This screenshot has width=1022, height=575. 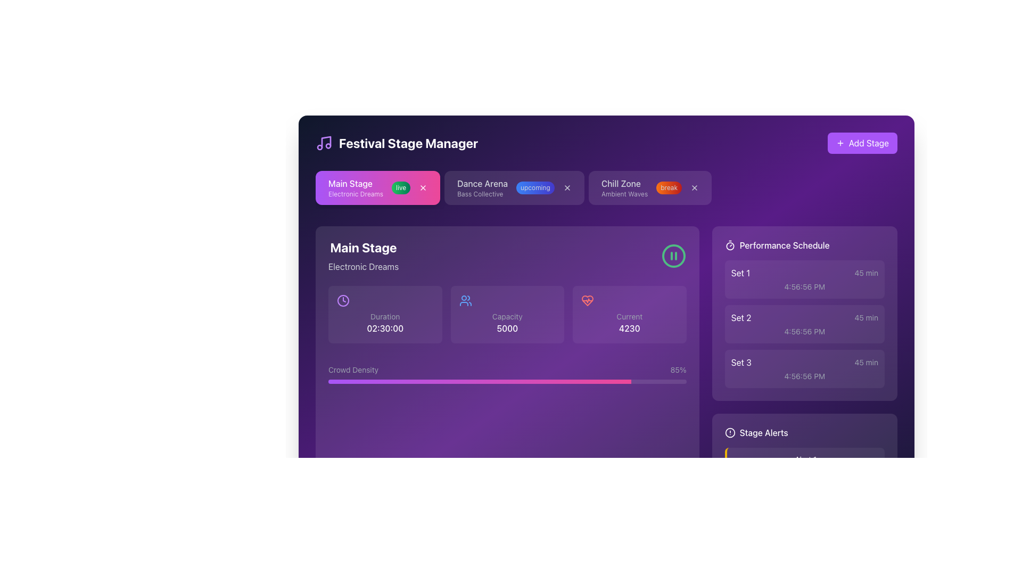 I want to click on the progress bar representing the crowd density for the 'Main Stage' section, located at the bottom of the 'Main Stage' card, so click(x=507, y=369).